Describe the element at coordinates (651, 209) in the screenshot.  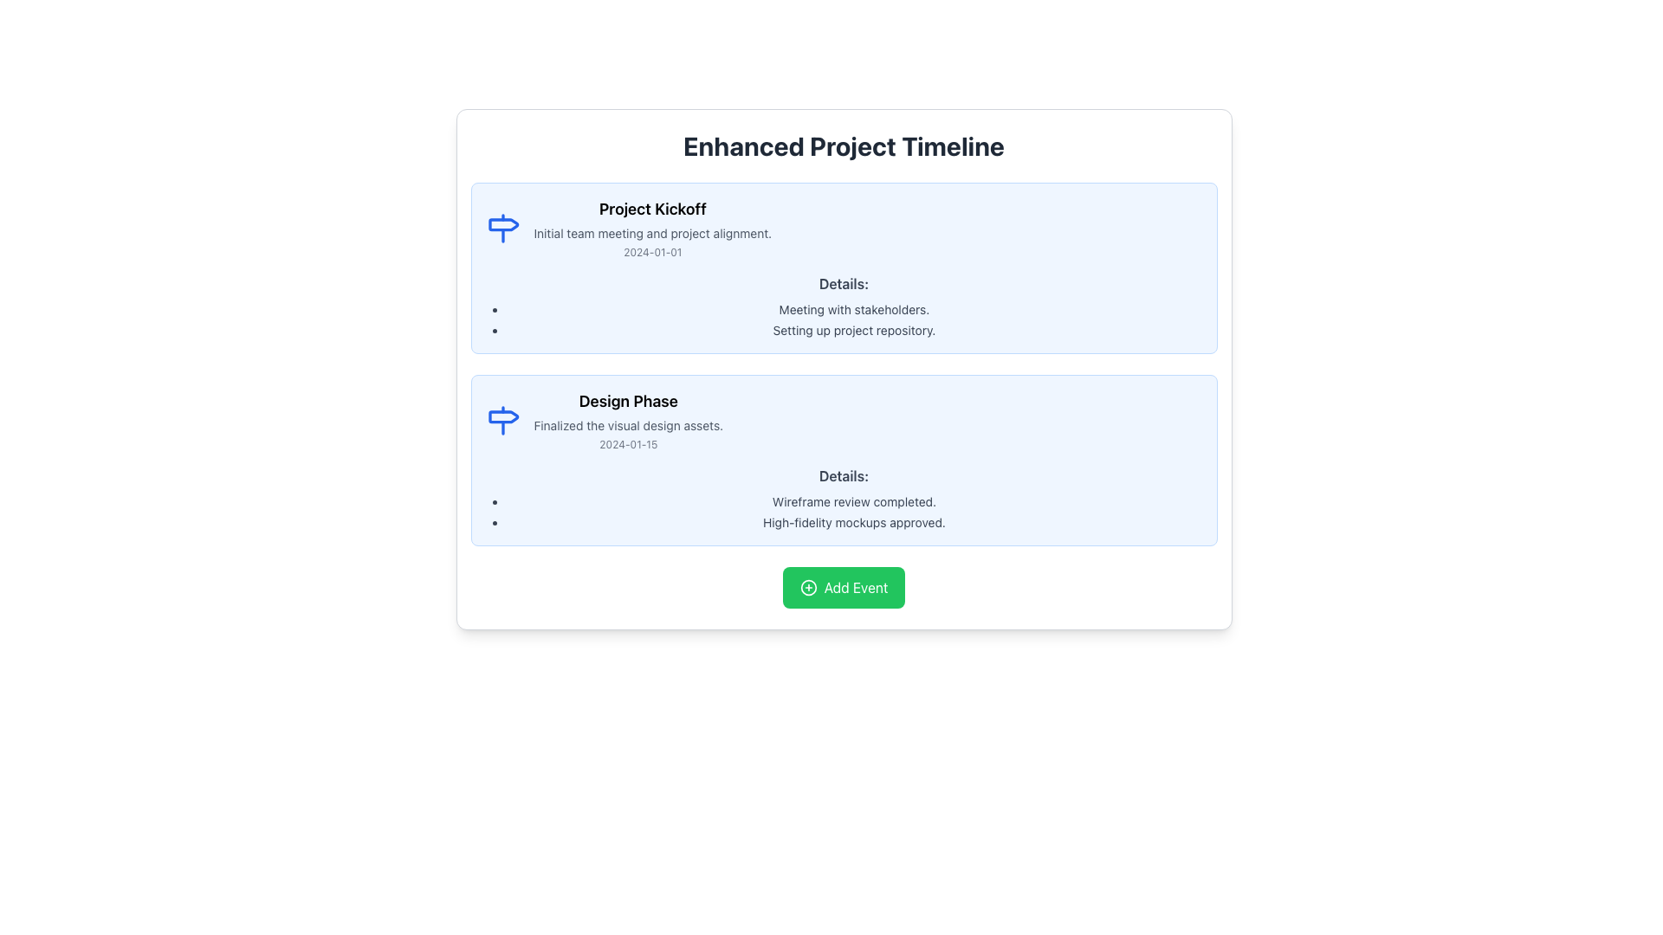
I see `the Text Label that serves as a descriptive title for the project phase displayed in the upper section of the card layout` at that location.